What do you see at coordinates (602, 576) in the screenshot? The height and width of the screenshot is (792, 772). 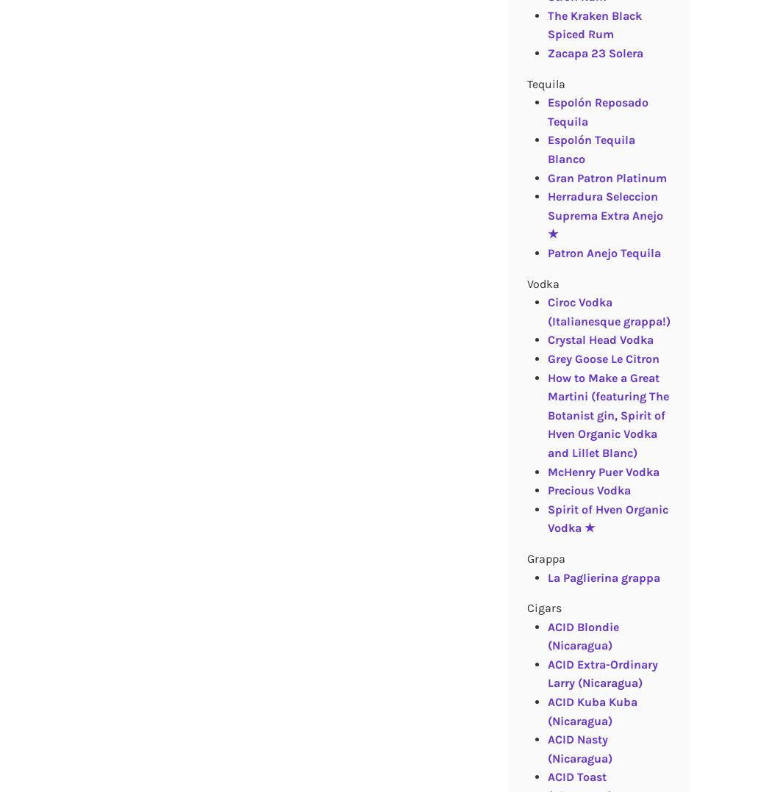 I see `'La Paglierina grappa'` at bounding box center [602, 576].